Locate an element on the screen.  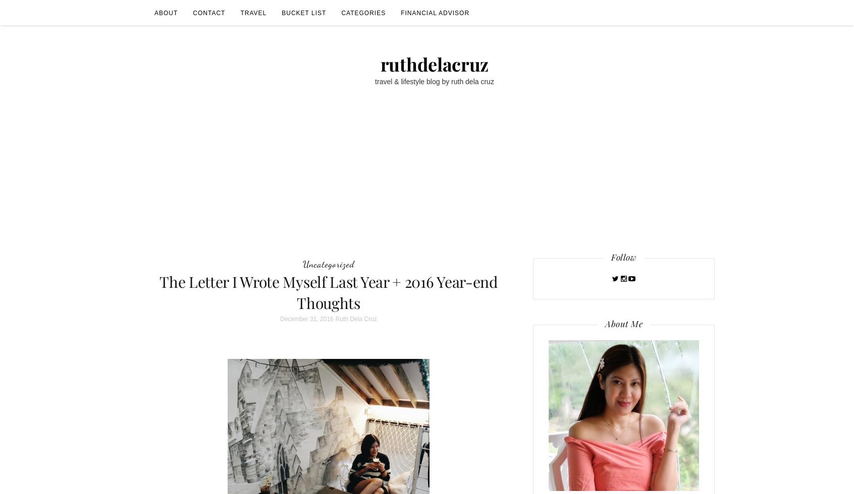
'About' is located at coordinates (165, 13).